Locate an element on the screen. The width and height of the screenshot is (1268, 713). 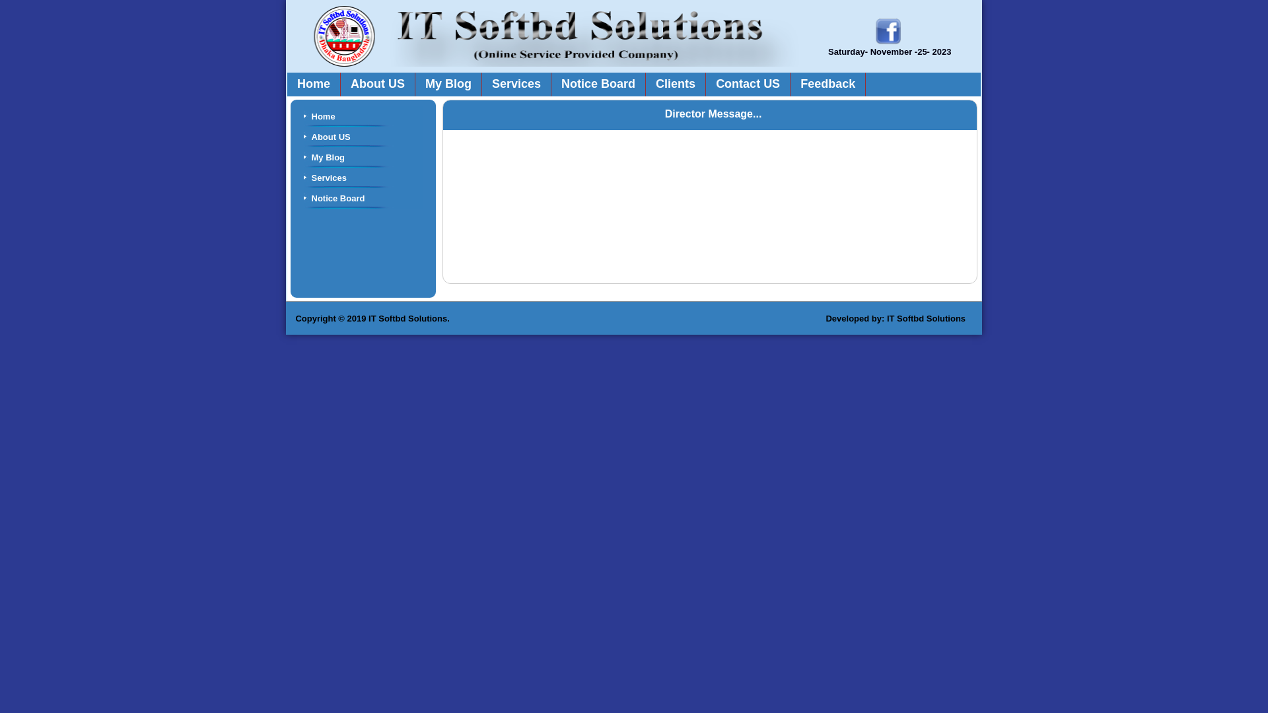
'About US' is located at coordinates (294, 137).